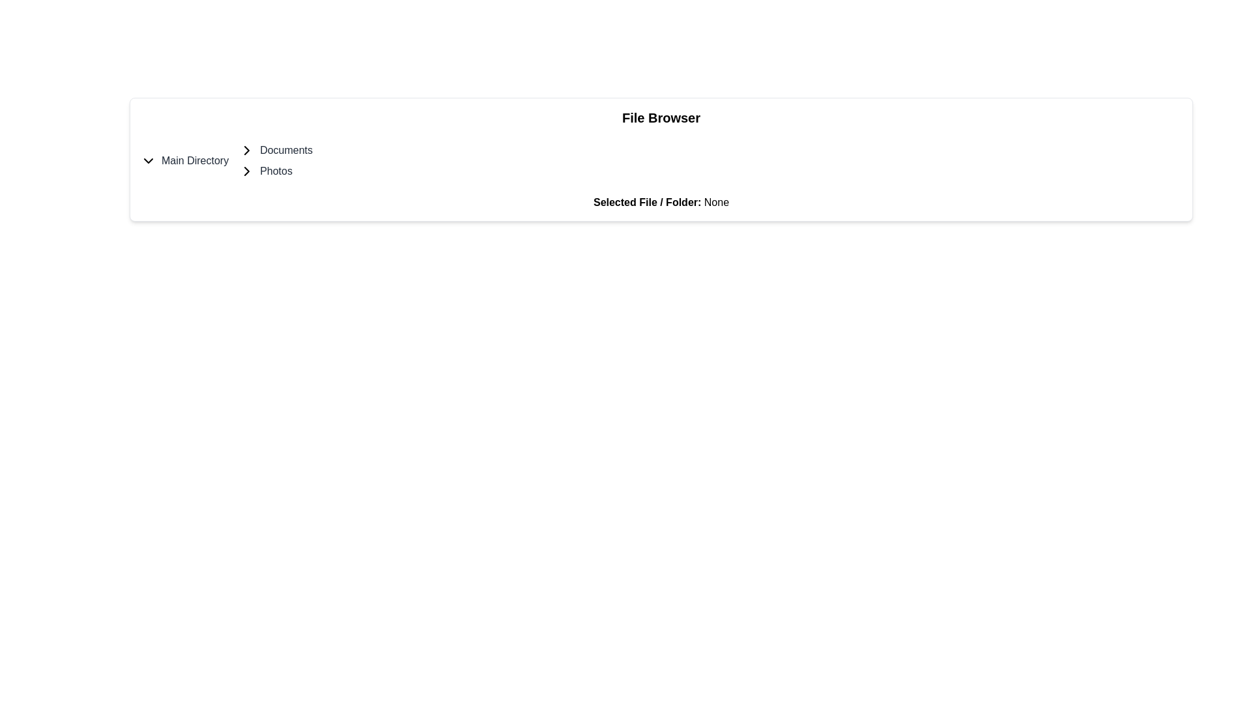  I want to click on the interactive text label displaying 'Photos', so click(276, 170).